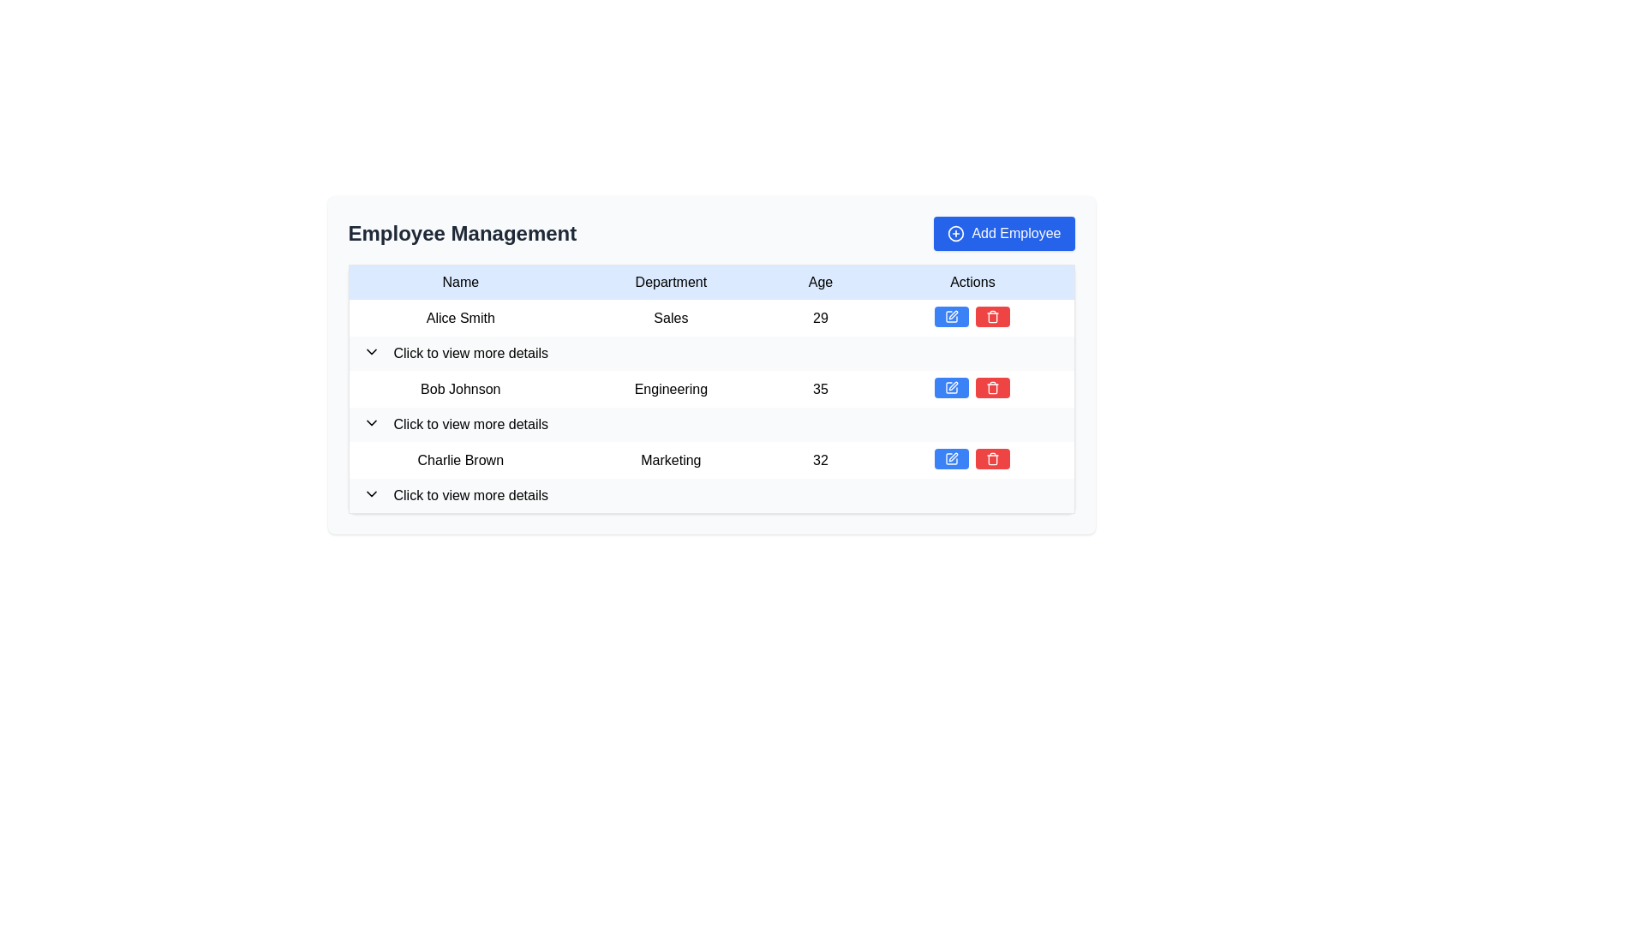 The height and width of the screenshot is (925, 1645). Describe the element at coordinates (460, 389) in the screenshot. I see `text label displaying 'Bob Johnson' located in the second row of the table under the 'Name' column` at that location.